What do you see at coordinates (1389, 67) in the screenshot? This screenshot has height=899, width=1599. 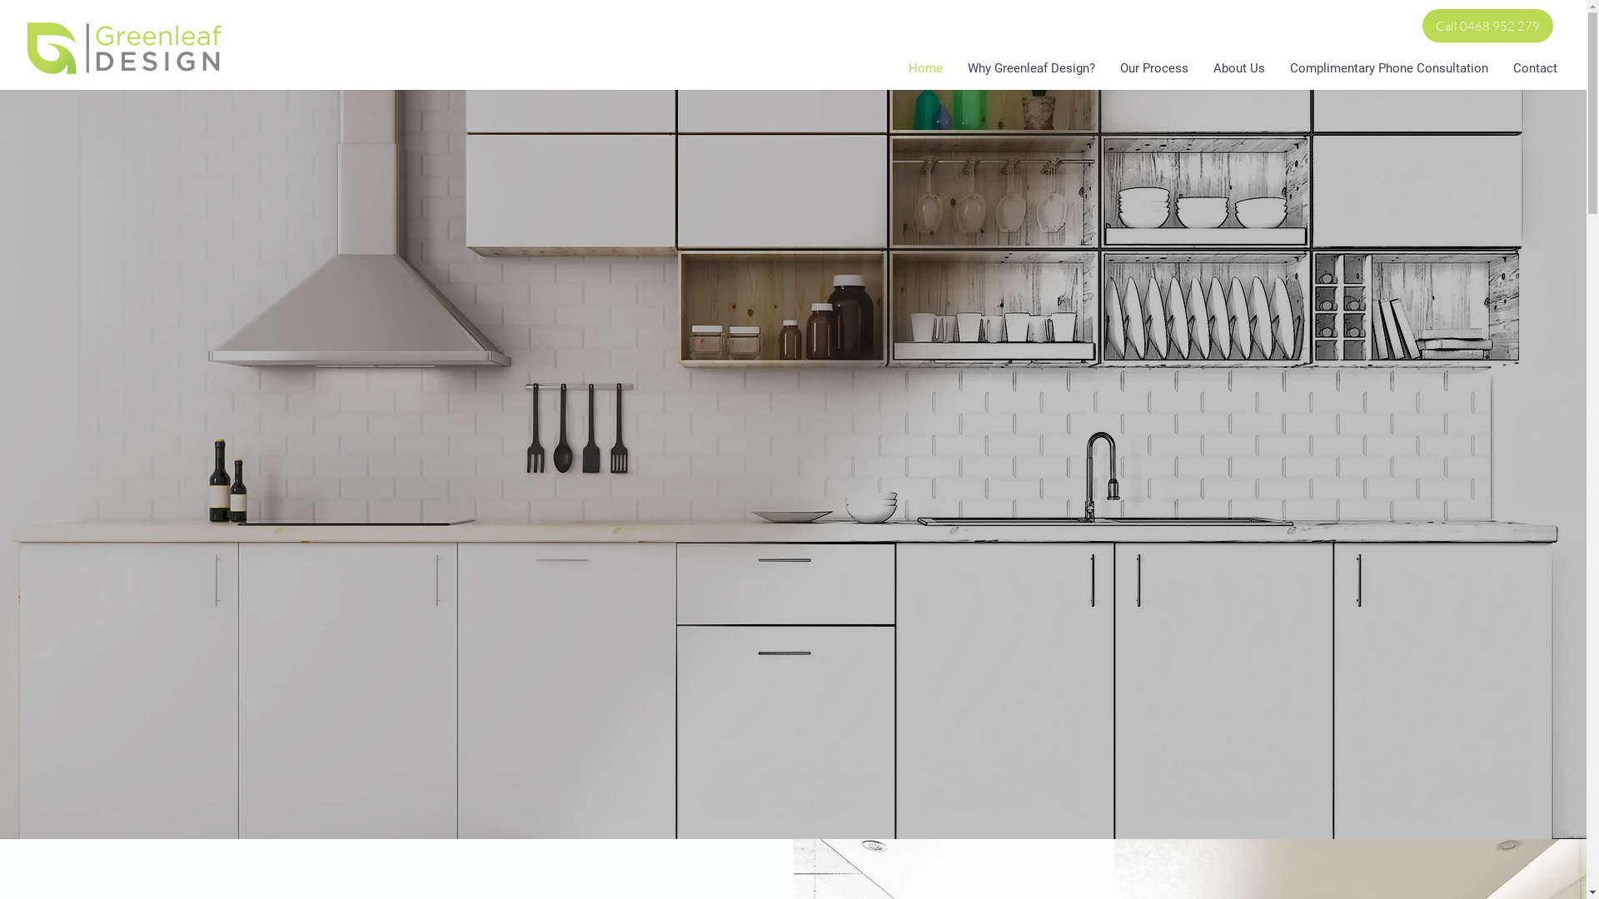 I see `'Complimentary Phone Consultation'` at bounding box center [1389, 67].